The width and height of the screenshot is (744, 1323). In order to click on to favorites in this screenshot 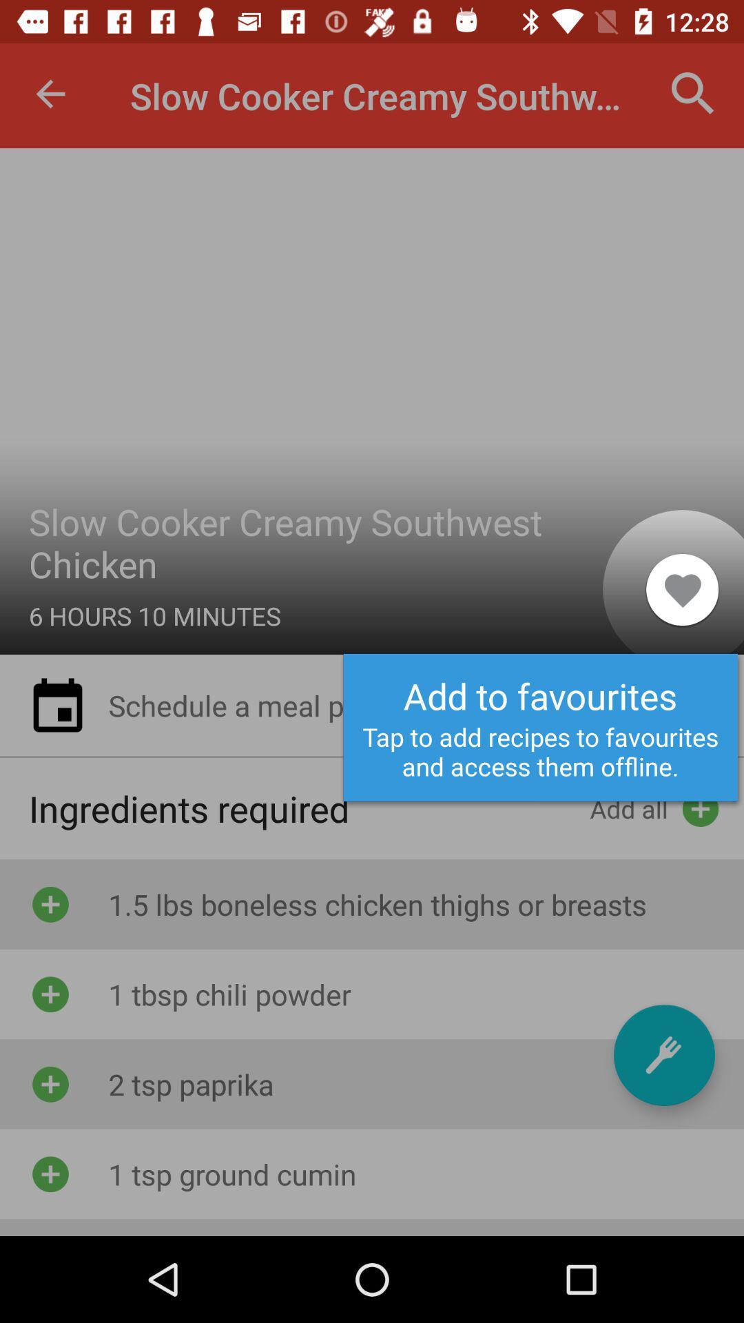, I will do `click(663, 1054)`.